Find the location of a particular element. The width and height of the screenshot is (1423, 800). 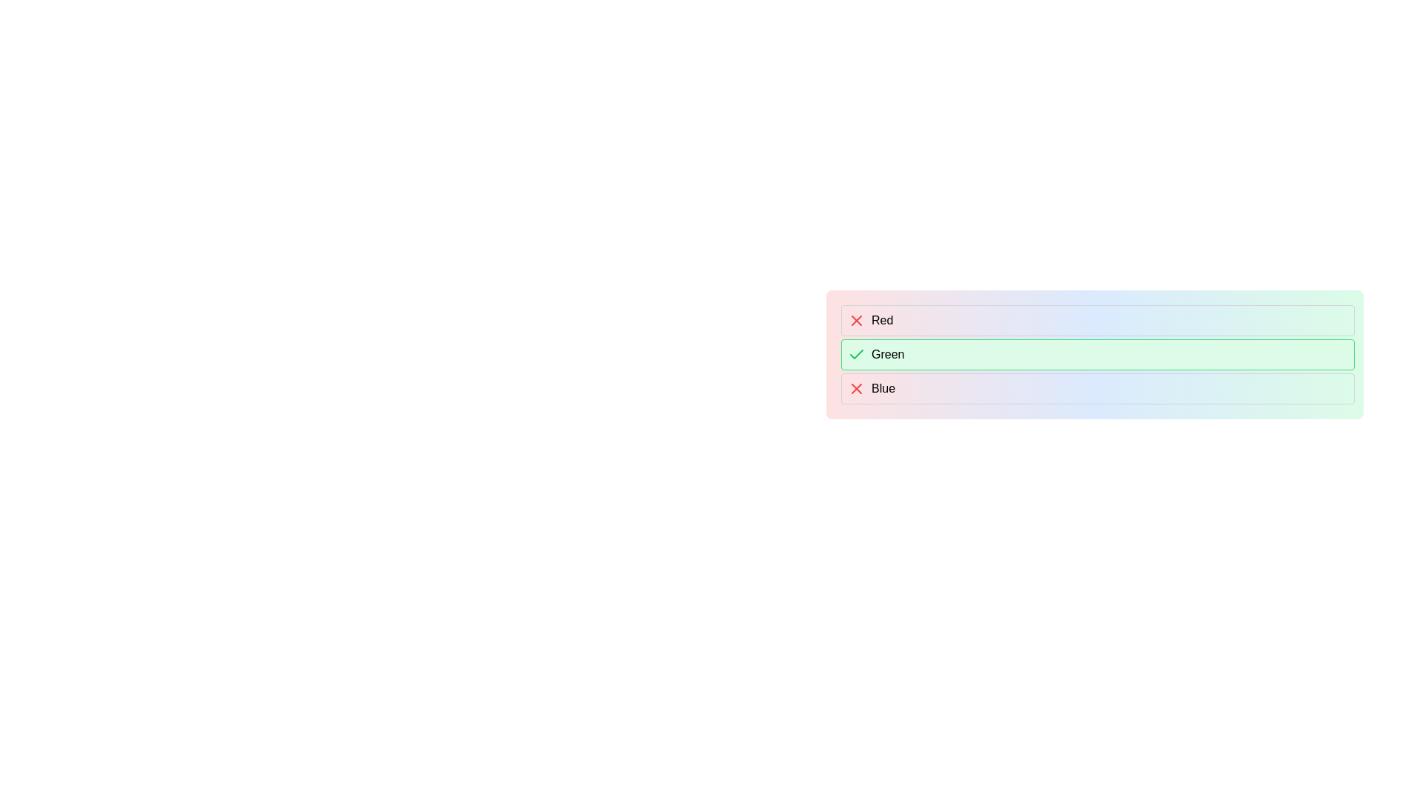

the green check icon, which signifies a positive confirmation, located to the left of the text 'Green' within a green rectangle is located at coordinates (857, 354).